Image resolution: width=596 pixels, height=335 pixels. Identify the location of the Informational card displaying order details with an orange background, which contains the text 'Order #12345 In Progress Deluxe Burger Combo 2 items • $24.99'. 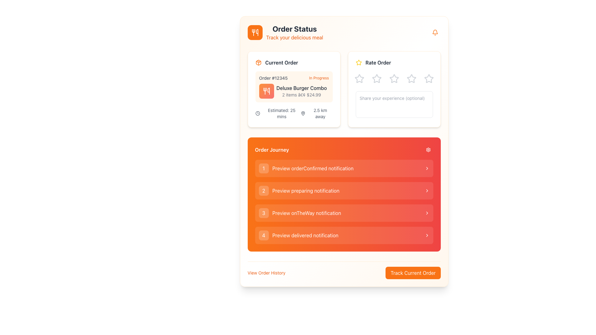
(293, 87).